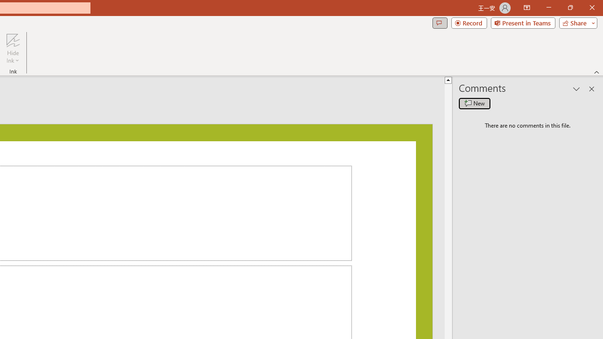 This screenshot has height=339, width=603. Describe the element at coordinates (13, 40) in the screenshot. I see `'Hide Ink'` at that location.